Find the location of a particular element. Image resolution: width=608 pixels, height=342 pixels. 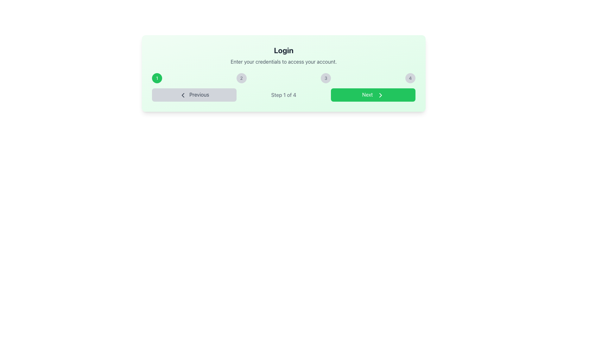

the left-pointing chevron icon contained within the 'Previous' button, which is styled minimally and positioned on the left side of the interface is located at coordinates (183, 95).